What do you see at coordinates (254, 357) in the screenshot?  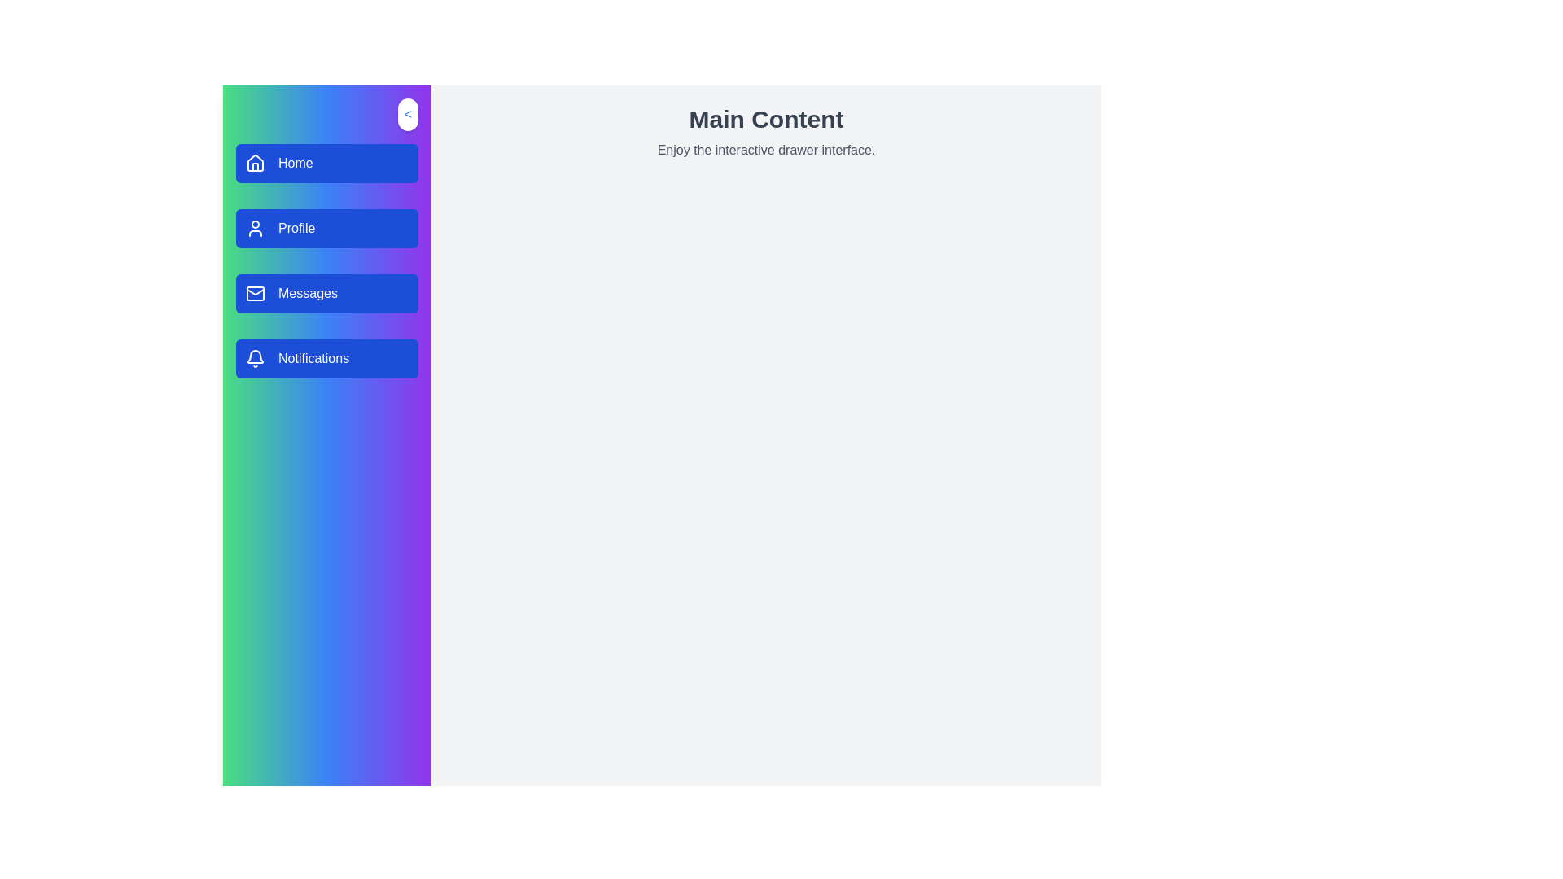 I see `the notifications icon located in the left sidebar menu, specifically the fourth button labeled 'Notifications'` at bounding box center [254, 357].